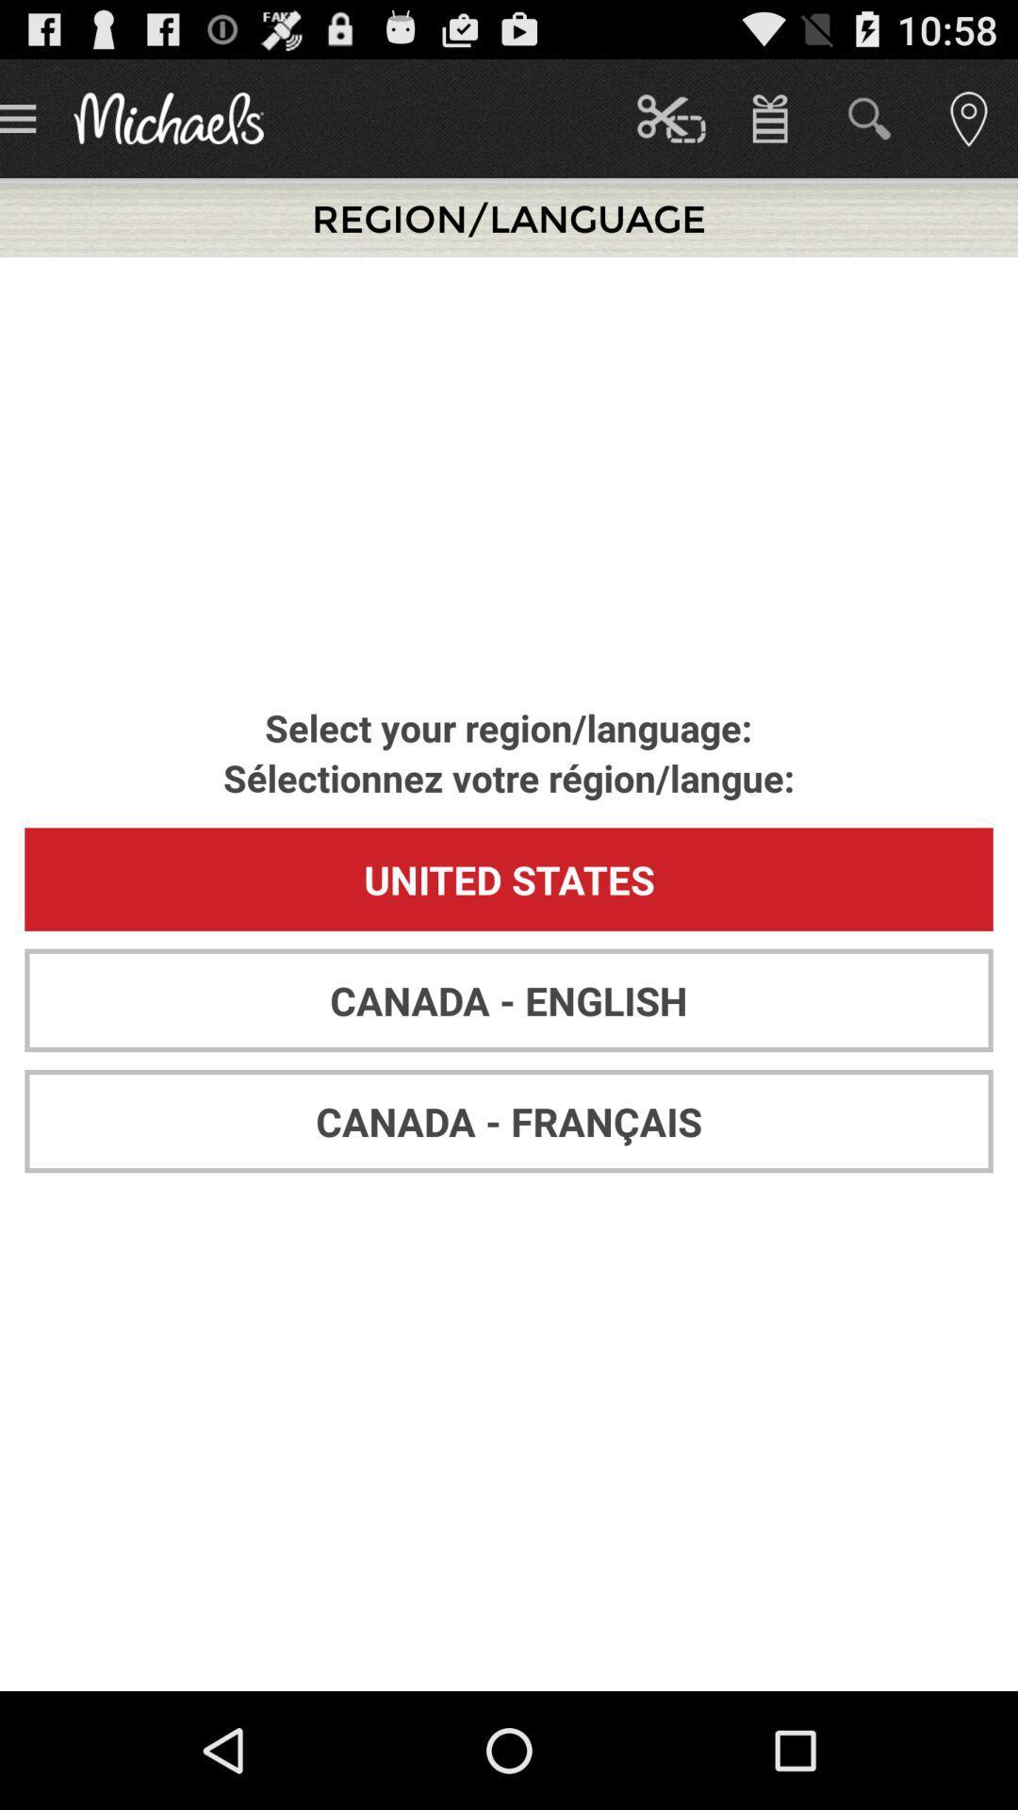 This screenshot has height=1810, width=1018. Describe the element at coordinates (509, 878) in the screenshot. I see `app above the canada - english app` at that location.